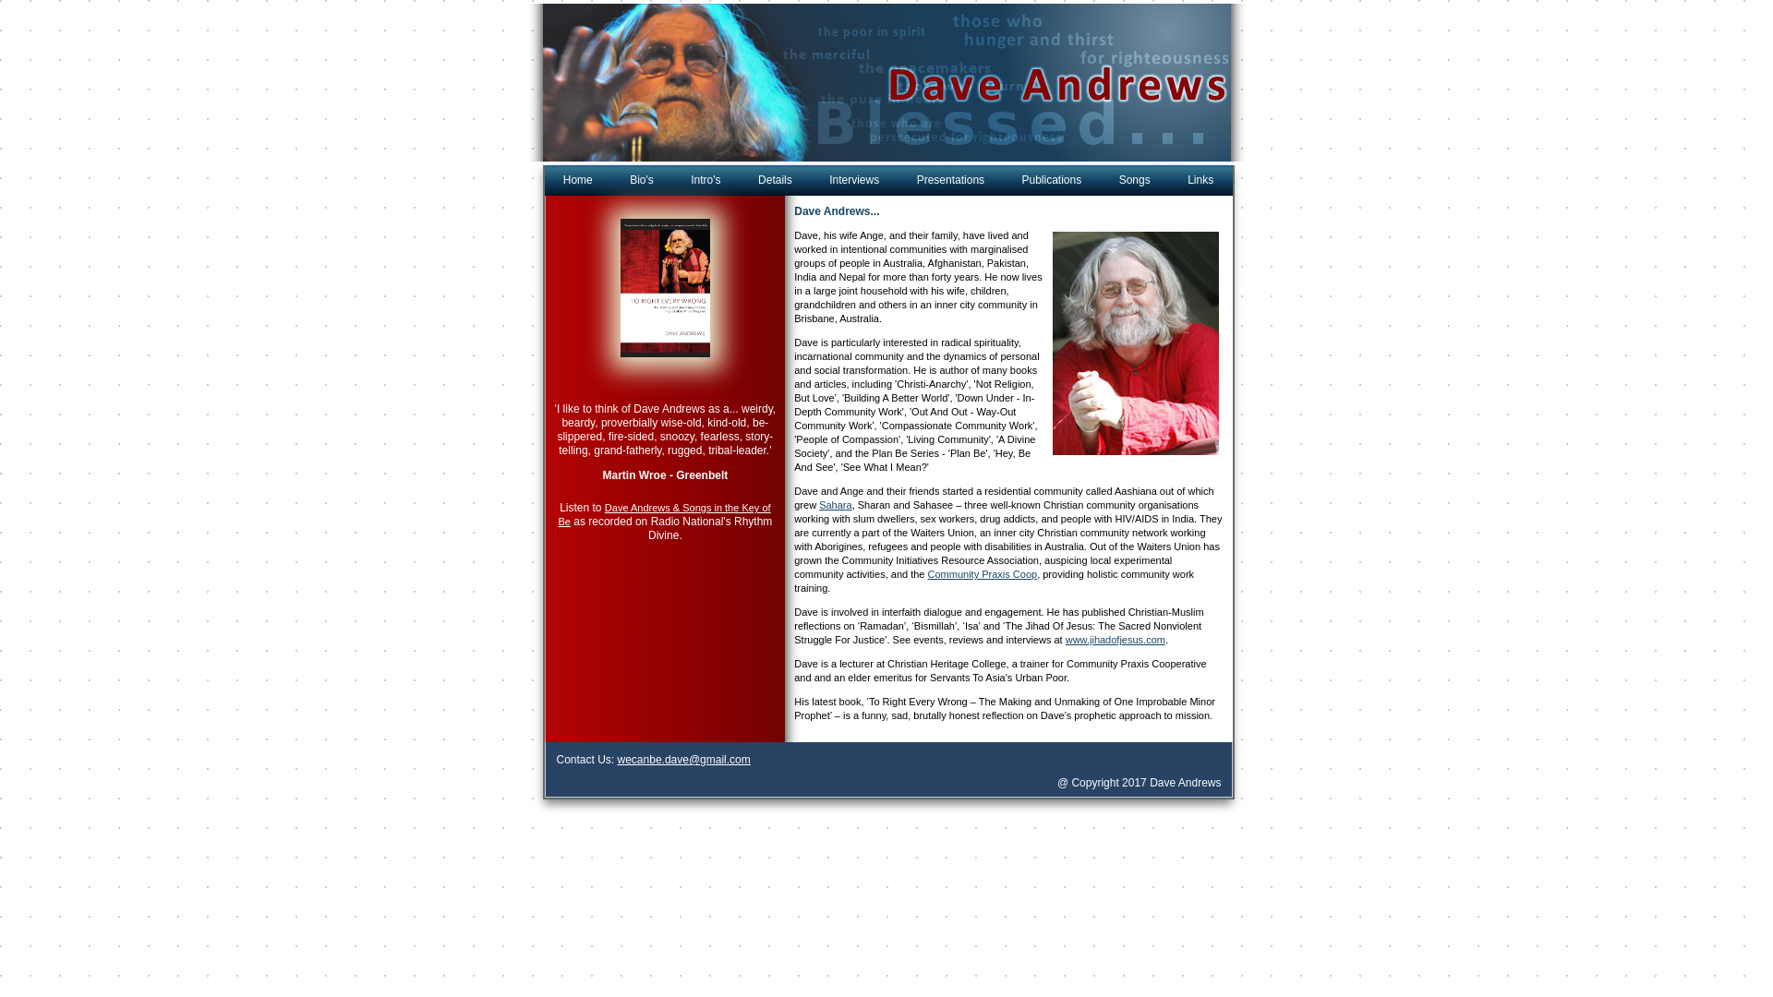 Image resolution: width=1773 pixels, height=997 pixels. What do you see at coordinates (982, 572) in the screenshot?
I see `'Community Praxis Coop'` at bounding box center [982, 572].